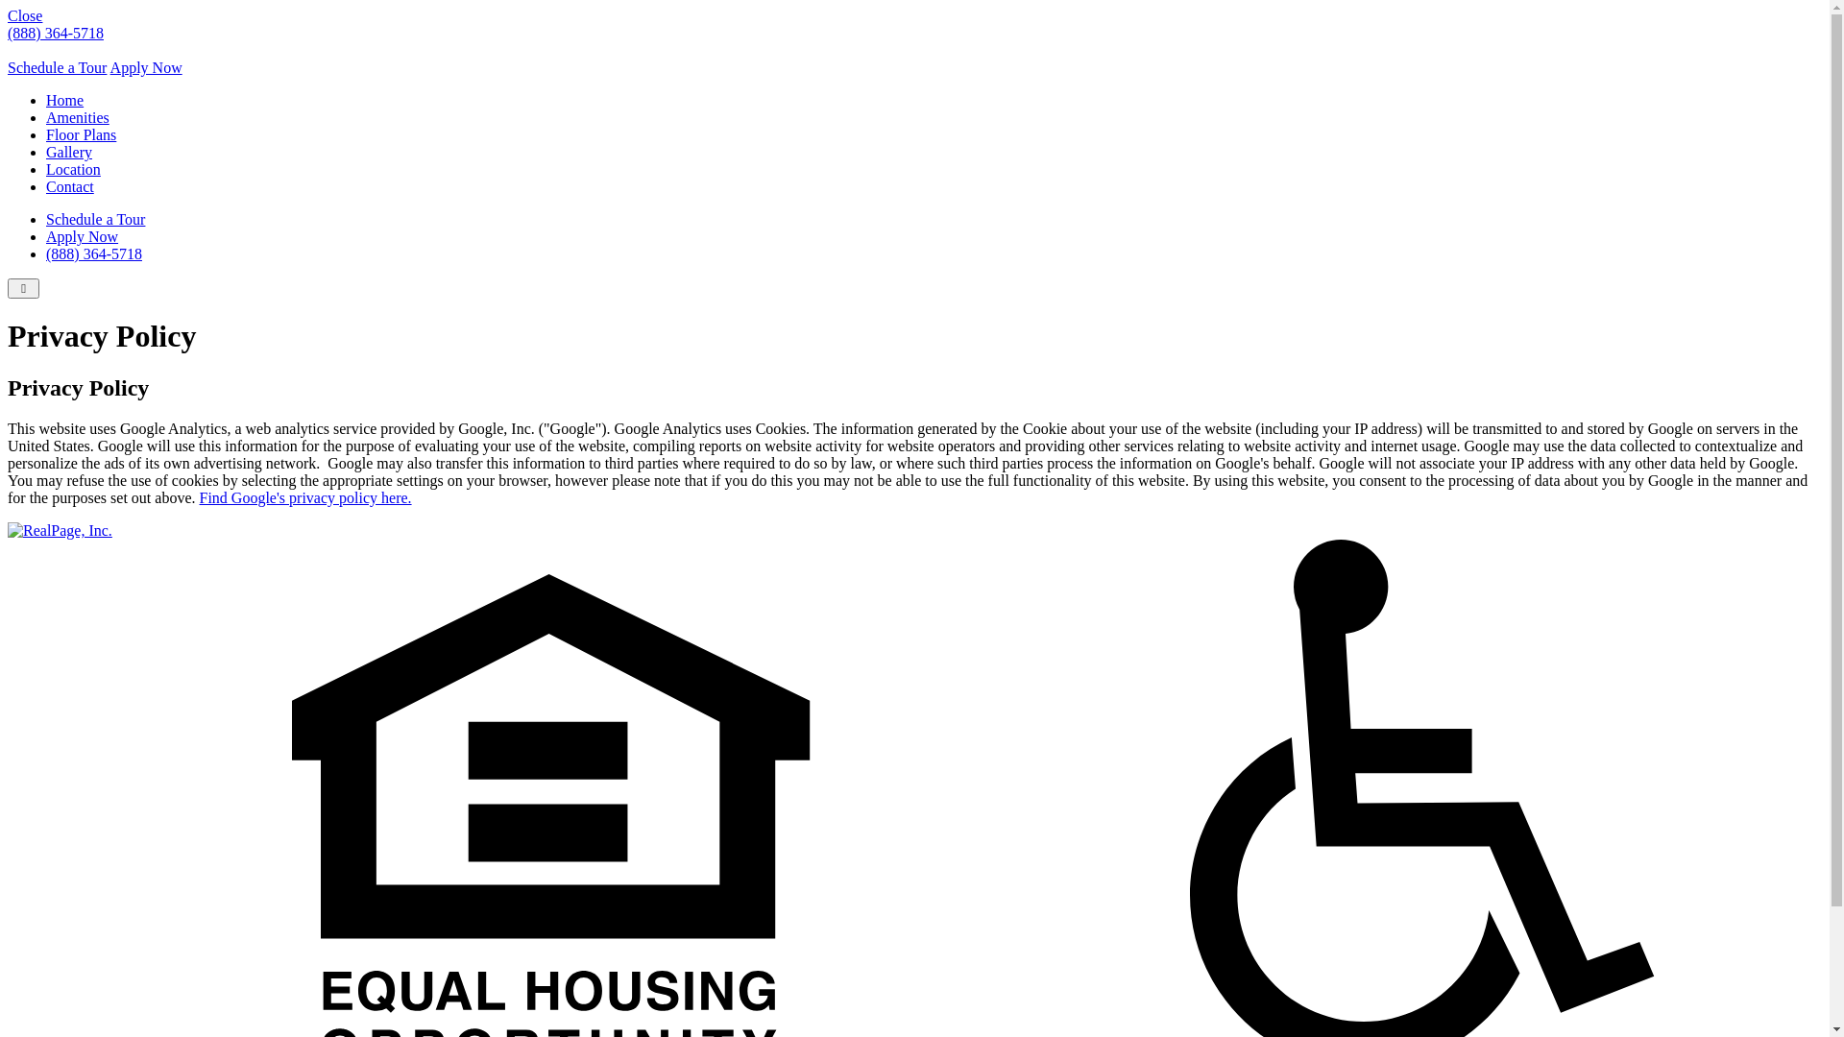 The image size is (1844, 1037). I want to click on 'Gallery', so click(69, 151).